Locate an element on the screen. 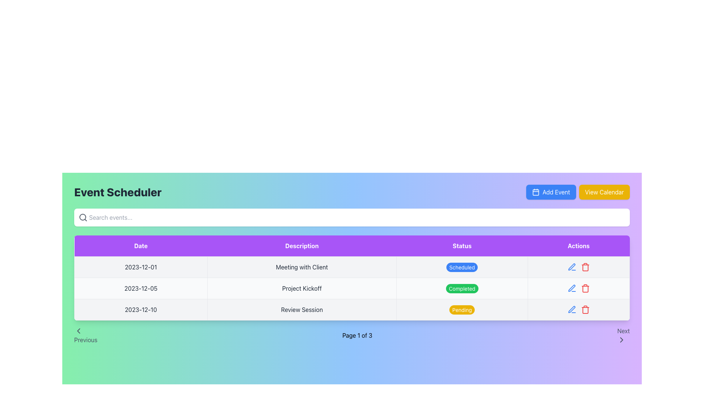 The height and width of the screenshot is (403, 716). the status label indicating that an event is scheduled, located in the 'Status' column of the first row in the data table, centrally aligned within its cell is located at coordinates (462, 267).